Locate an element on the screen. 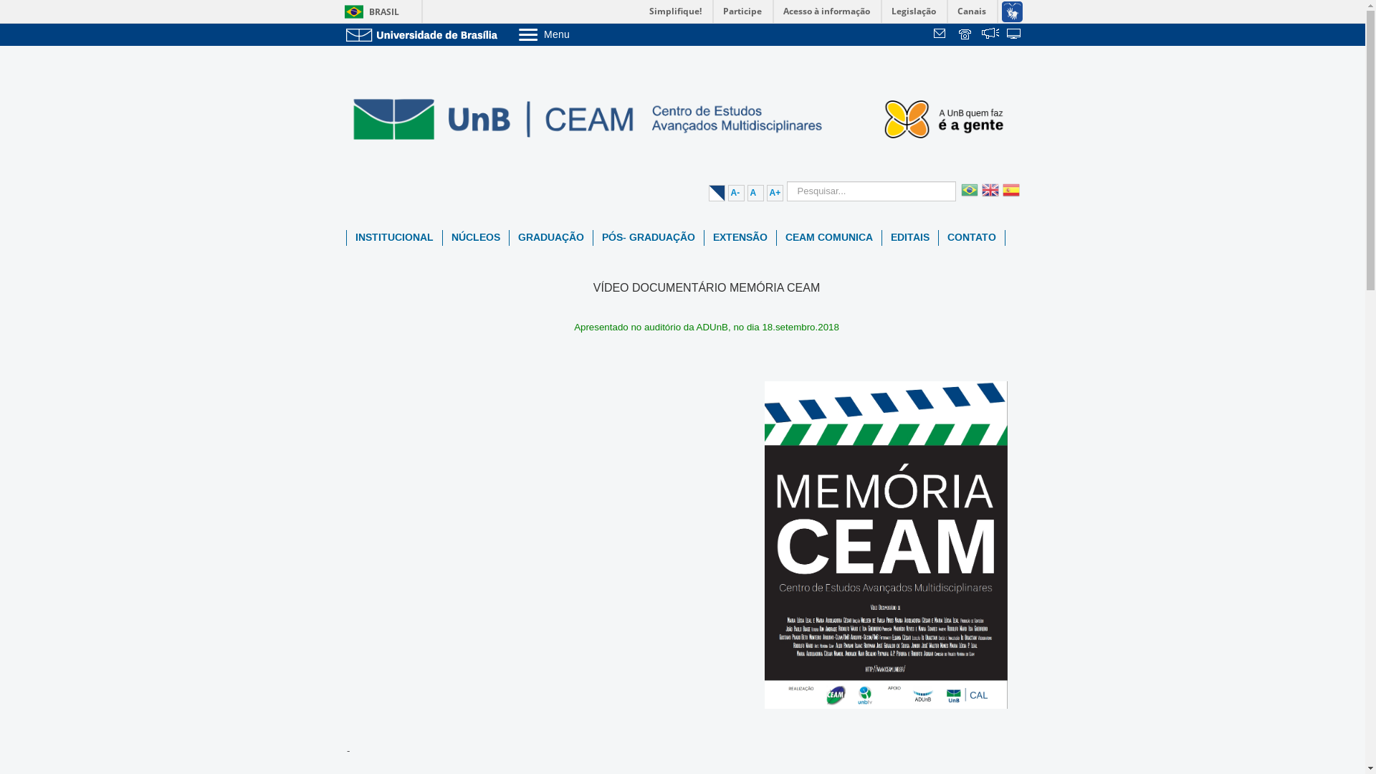 Image resolution: width=1376 pixels, height=774 pixels. 'English' is located at coordinates (987, 199).